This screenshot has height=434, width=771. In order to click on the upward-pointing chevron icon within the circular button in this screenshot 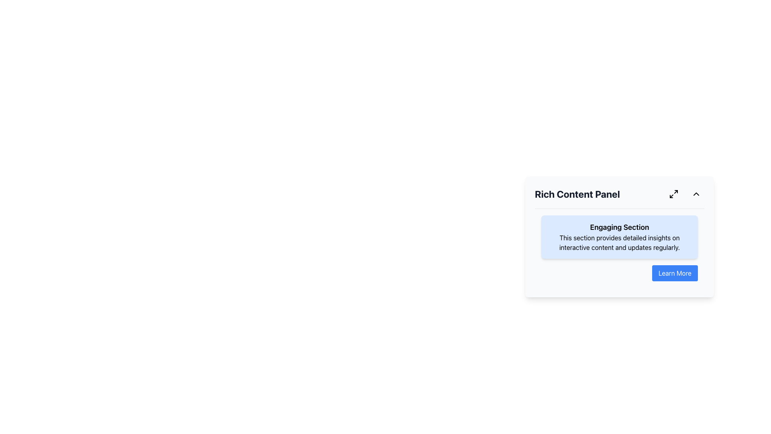, I will do `click(696, 194)`.